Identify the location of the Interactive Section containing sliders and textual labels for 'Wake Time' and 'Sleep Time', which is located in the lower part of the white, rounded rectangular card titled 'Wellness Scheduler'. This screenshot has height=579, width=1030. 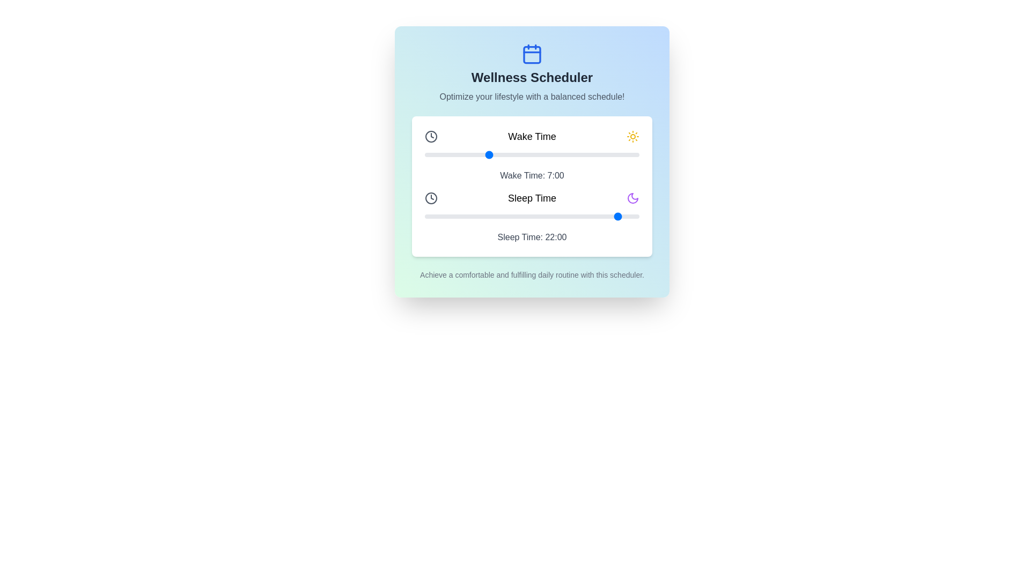
(532, 185).